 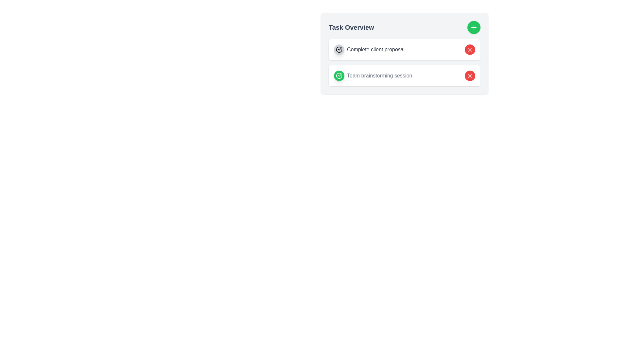 What do you see at coordinates (404, 27) in the screenshot?
I see `the section header text of the task list overview, which is indicated by a composite UI component consisting of a text label and an interactive button located at the top of the panel` at bounding box center [404, 27].